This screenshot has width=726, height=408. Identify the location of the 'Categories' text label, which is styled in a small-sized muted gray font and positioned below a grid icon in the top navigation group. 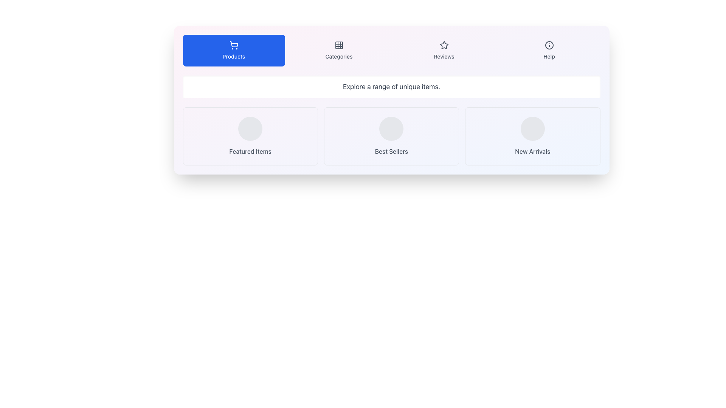
(338, 56).